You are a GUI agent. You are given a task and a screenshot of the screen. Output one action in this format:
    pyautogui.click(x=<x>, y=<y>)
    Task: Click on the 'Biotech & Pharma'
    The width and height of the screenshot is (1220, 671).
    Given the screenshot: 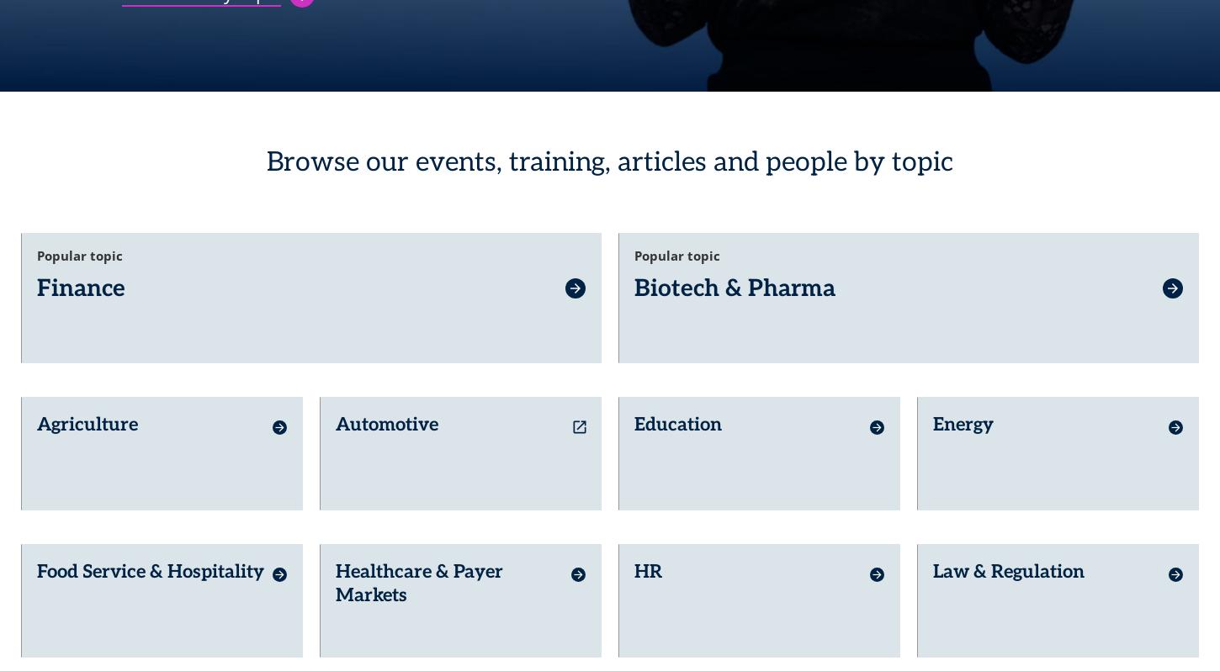 What is the action you would take?
    pyautogui.click(x=634, y=282)
    